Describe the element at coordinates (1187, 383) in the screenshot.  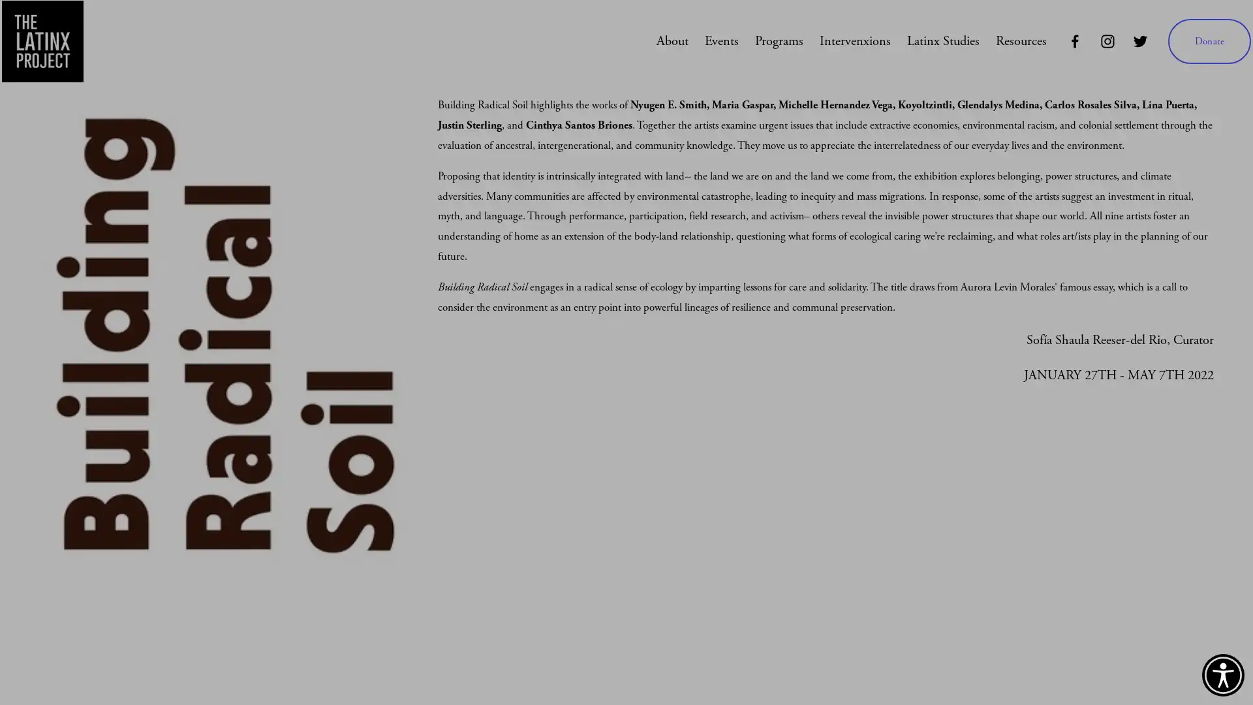
I see `Close` at that location.